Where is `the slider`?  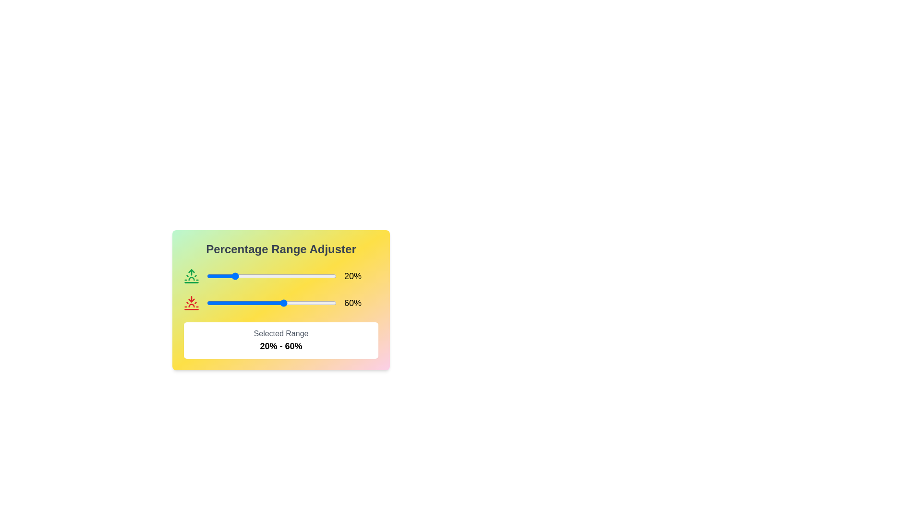 the slider is located at coordinates (209, 276).